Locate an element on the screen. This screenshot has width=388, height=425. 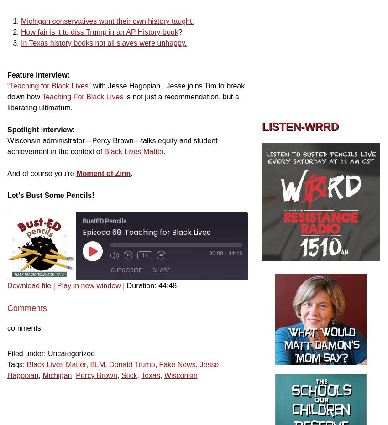
'How fair is it to diss Trump in an AP History book' is located at coordinates (100, 31).